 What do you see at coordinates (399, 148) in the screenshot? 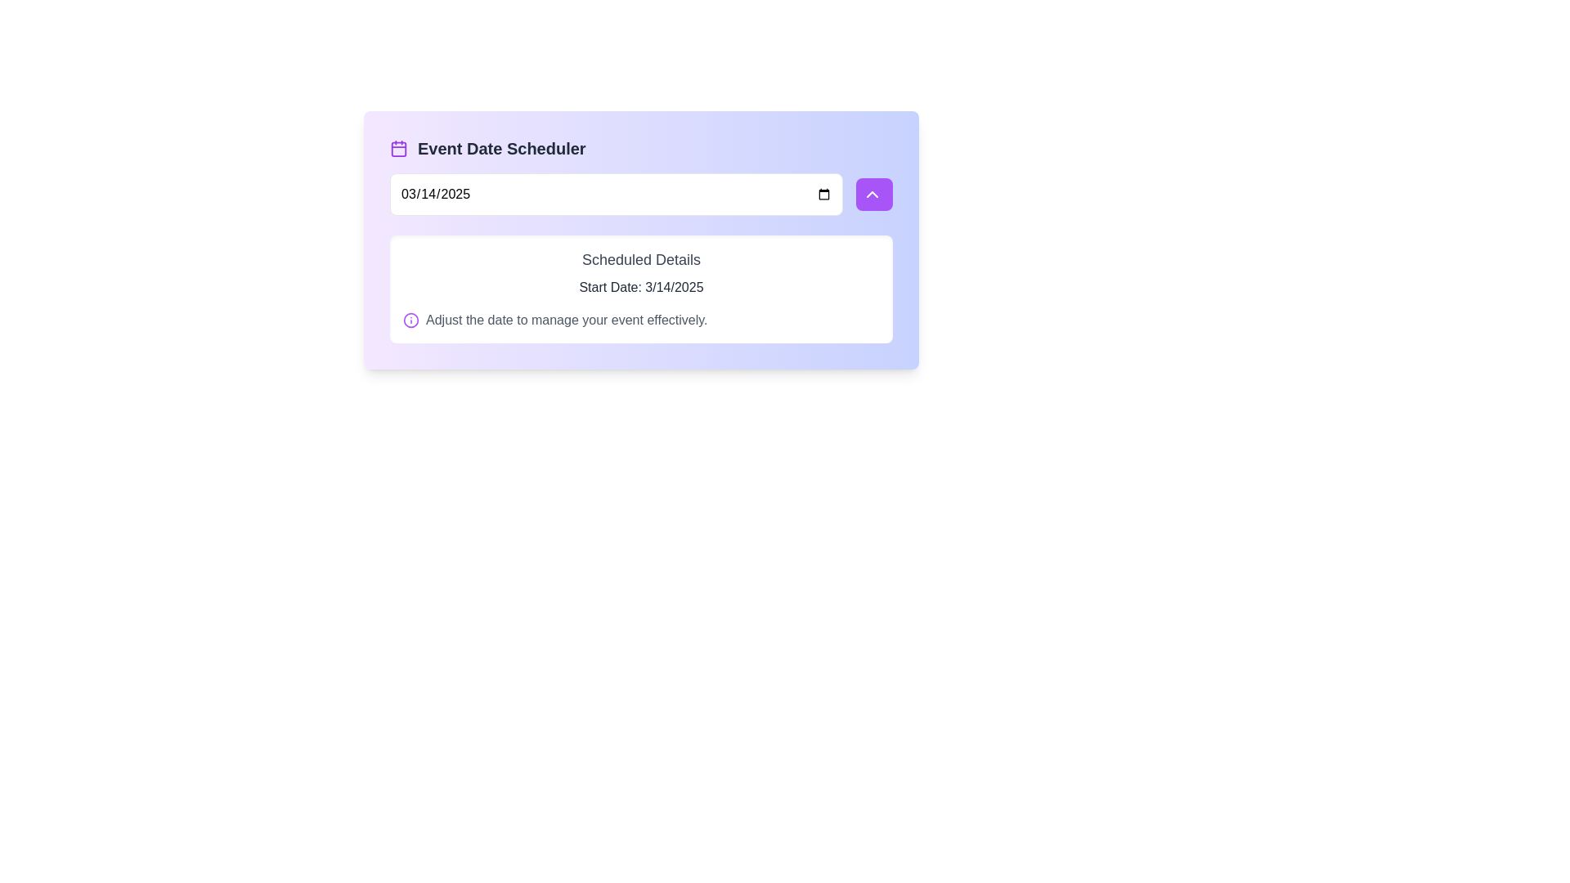
I see `the purple calendar icon located to the left of the 'Event Date Scheduler' text in the header area` at bounding box center [399, 148].